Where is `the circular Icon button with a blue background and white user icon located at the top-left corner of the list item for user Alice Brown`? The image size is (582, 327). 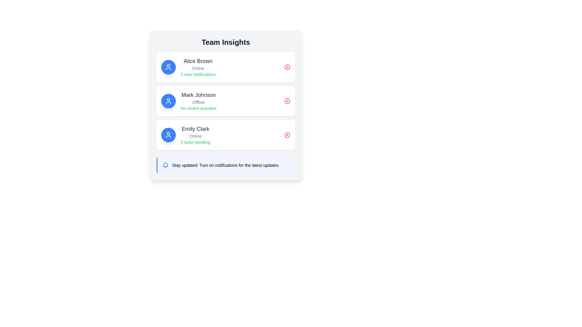
the circular Icon button with a blue background and white user icon located at the top-left corner of the list item for user Alice Brown is located at coordinates (169, 67).